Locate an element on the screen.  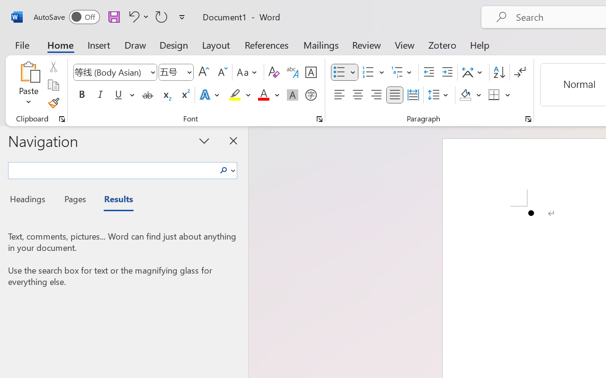
'Headings' is located at coordinates (31, 200).